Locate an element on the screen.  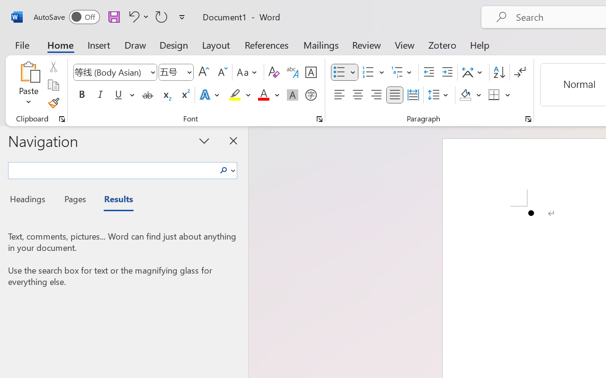
'Headings' is located at coordinates (31, 200).